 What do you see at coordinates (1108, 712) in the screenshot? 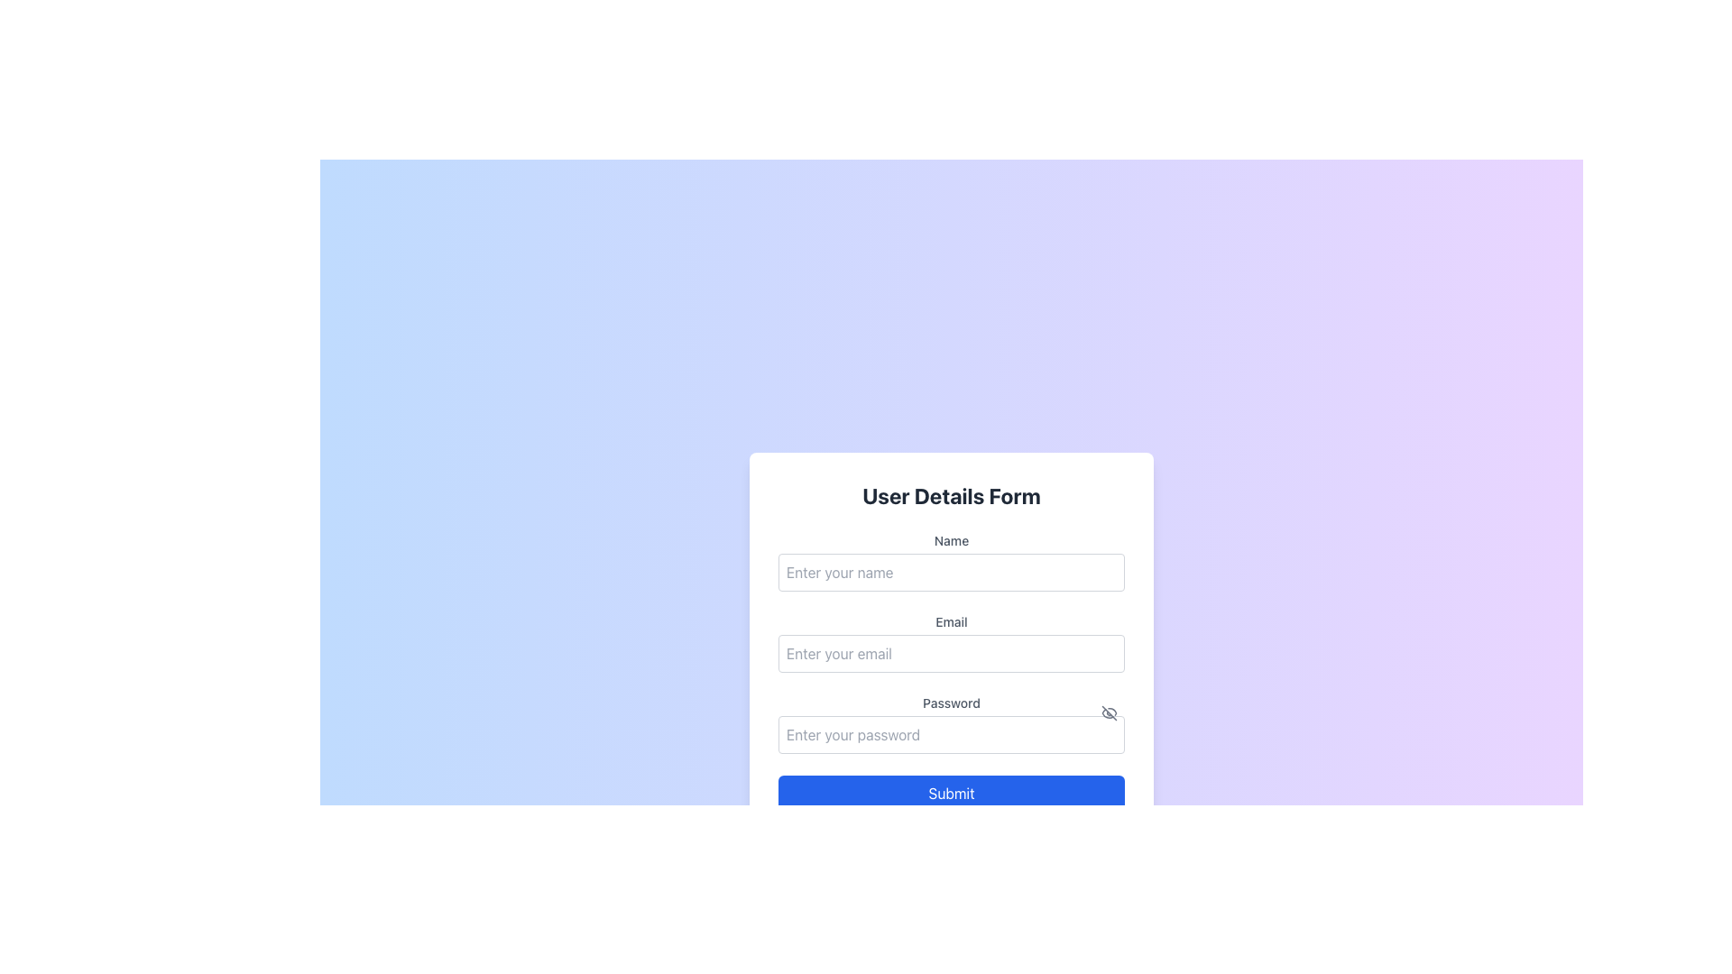
I see `the toggle visibility button located on the right side of the password input field` at bounding box center [1108, 712].